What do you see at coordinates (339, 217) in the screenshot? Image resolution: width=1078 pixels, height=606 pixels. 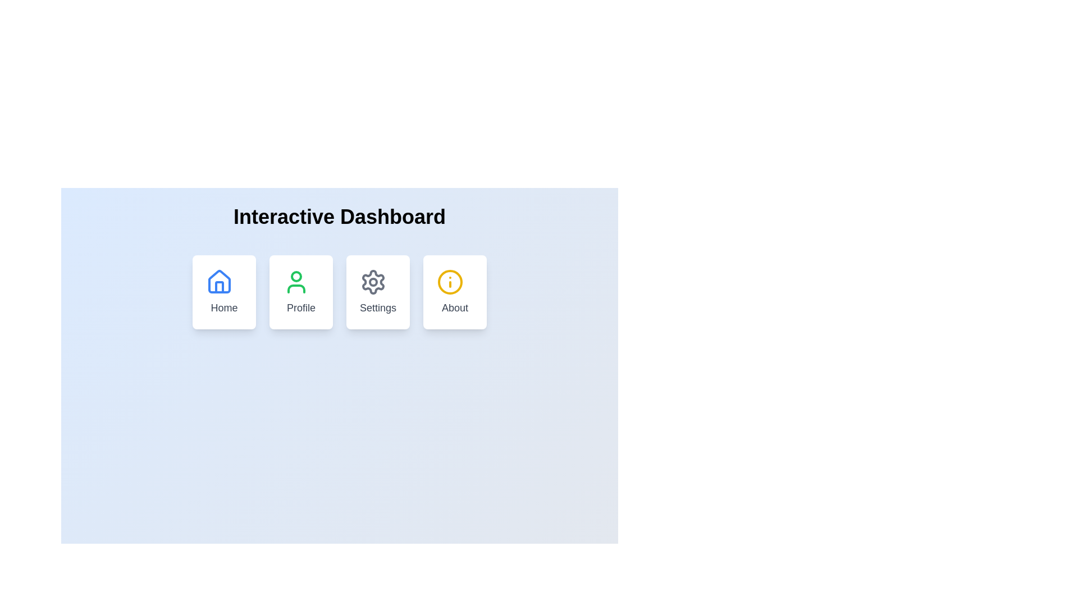 I see `text of the header element that displays 'Interactive Dashboard', which is a bold and large styled text centered at the top section of the interface` at bounding box center [339, 217].